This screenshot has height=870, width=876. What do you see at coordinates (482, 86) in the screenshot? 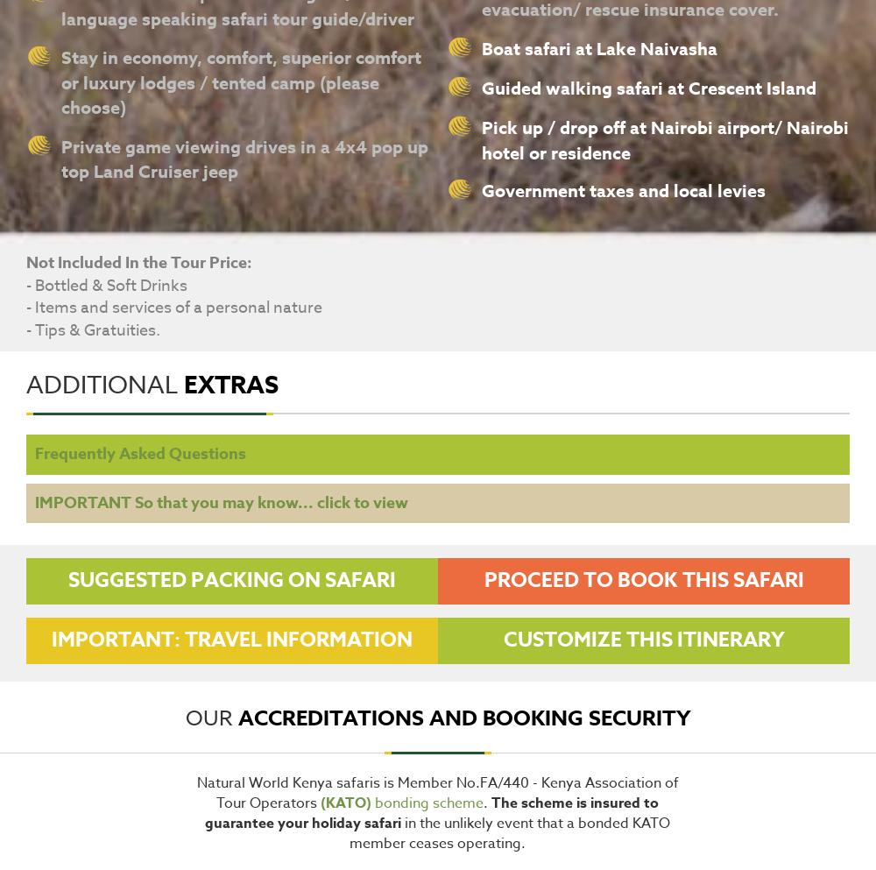
I see `'Guided walking safari at Crescent Island'` at bounding box center [482, 86].